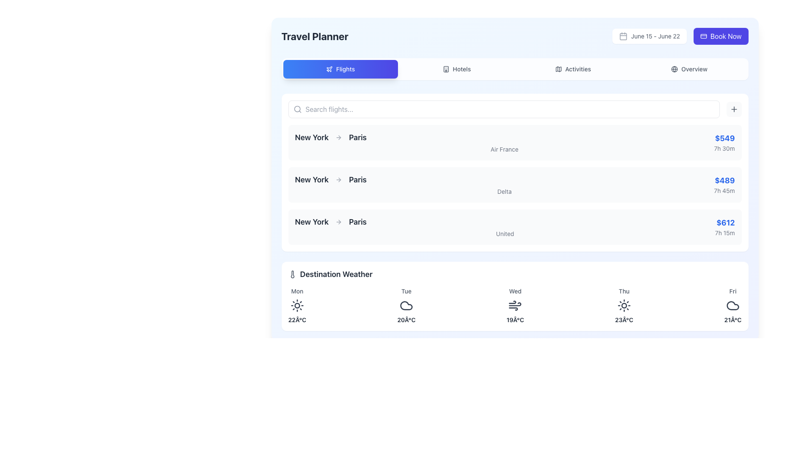 The height and width of the screenshot is (456, 812). Describe the element at coordinates (297, 109) in the screenshot. I see `the gray circular magnifying glass icon located to the left of the search bar` at that location.